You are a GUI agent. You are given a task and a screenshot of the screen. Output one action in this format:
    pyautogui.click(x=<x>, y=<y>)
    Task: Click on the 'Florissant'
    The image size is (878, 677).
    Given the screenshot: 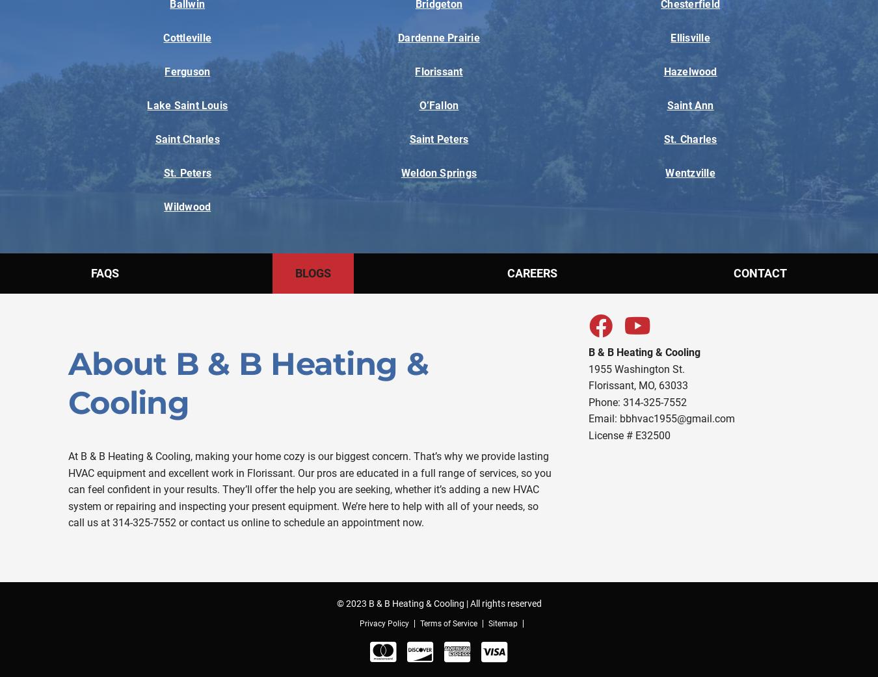 What is the action you would take?
    pyautogui.click(x=438, y=71)
    